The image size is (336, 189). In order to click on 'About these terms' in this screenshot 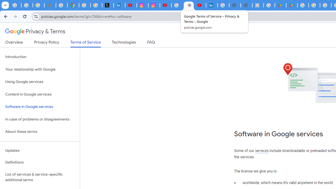, I will do `click(40, 132)`.